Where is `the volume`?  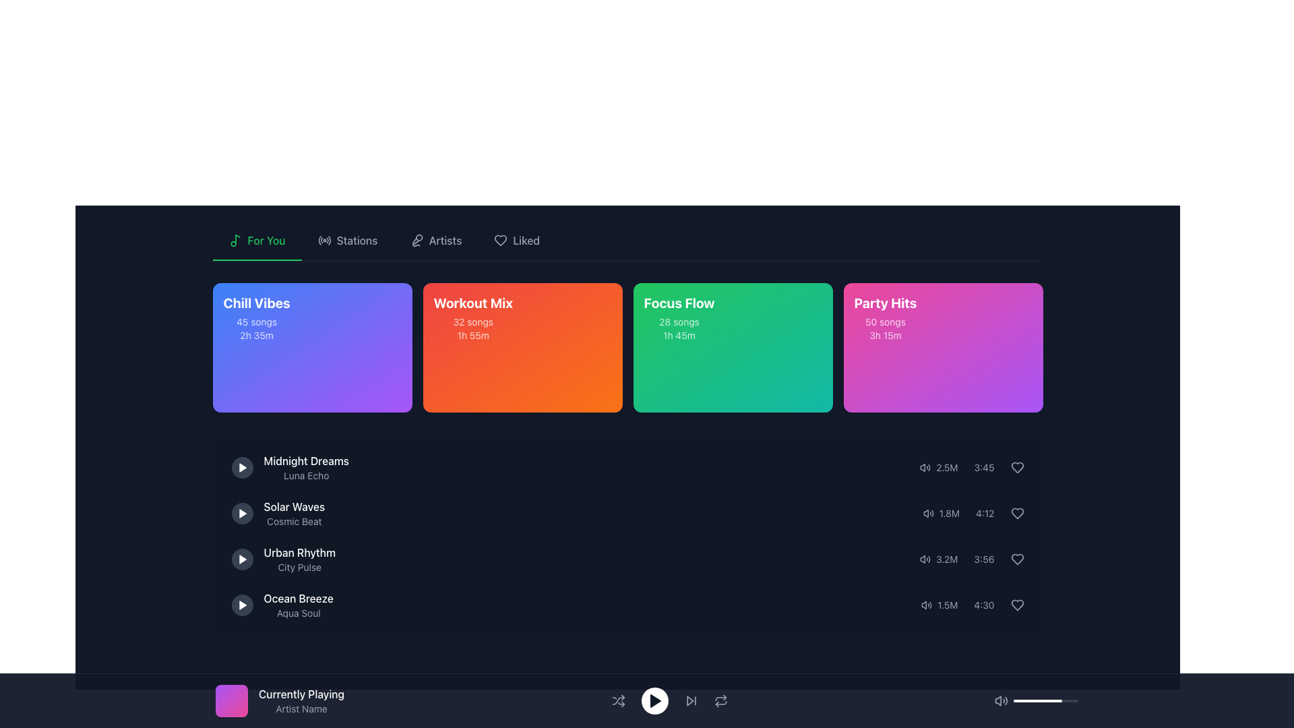
the volume is located at coordinates (1060, 700).